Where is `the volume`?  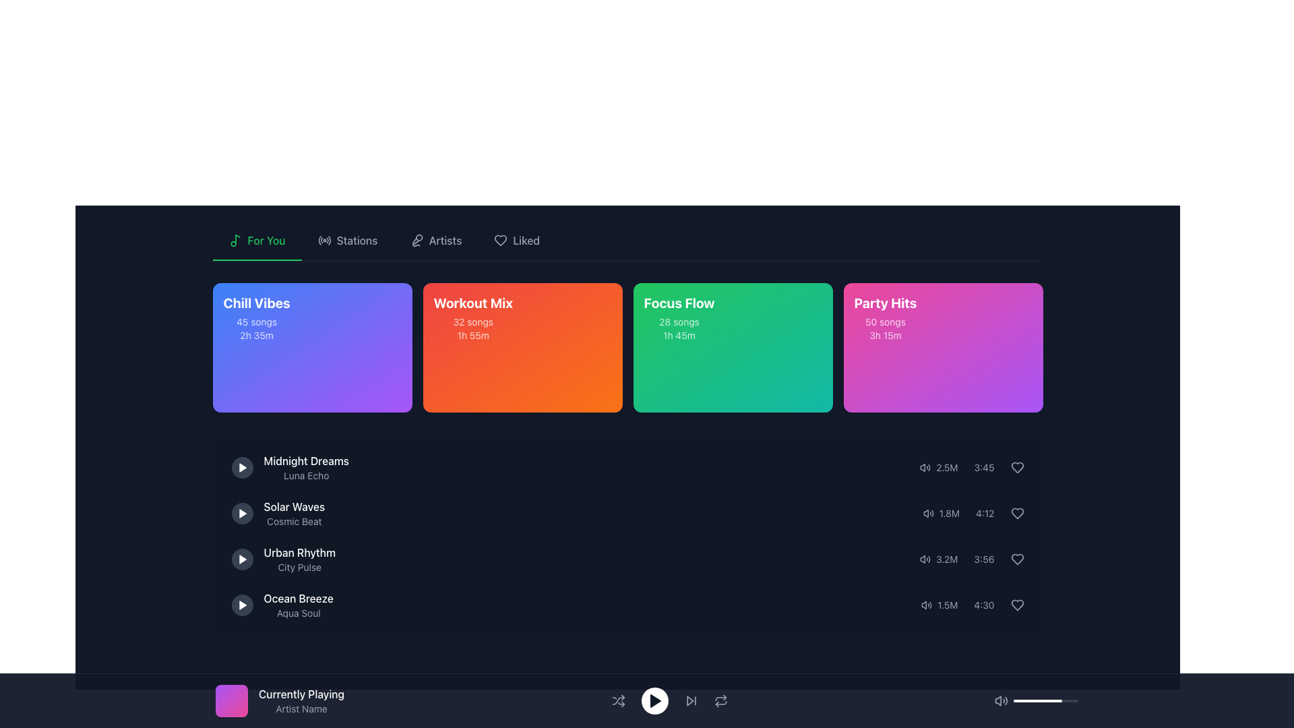
the volume is located at coordinates (1060, 700).